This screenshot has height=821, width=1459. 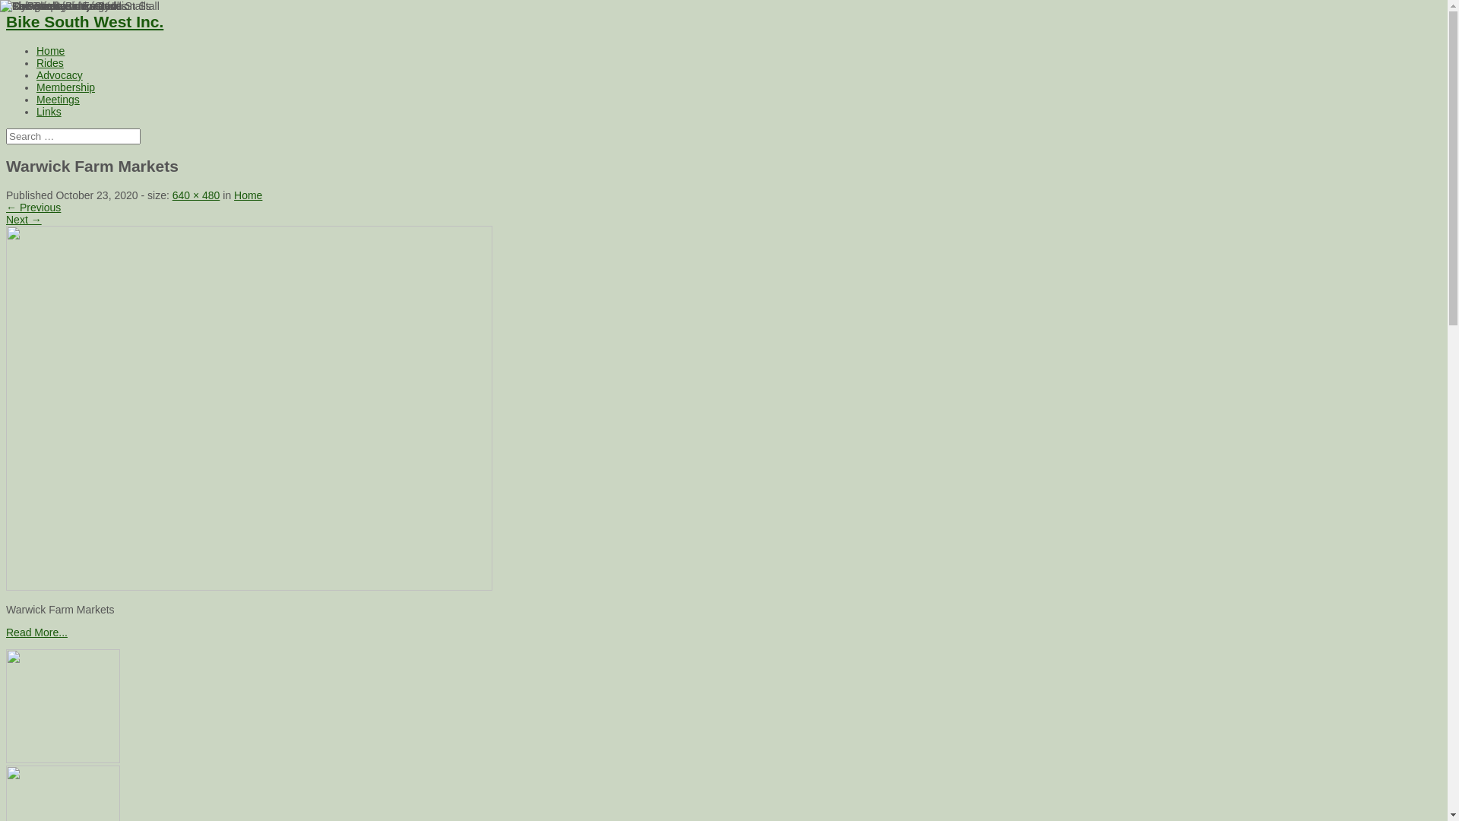 I want to click on 'Home', so click(x=50, y=49).